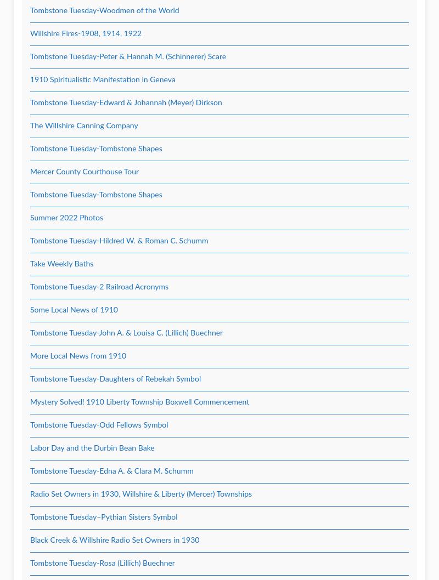 The image size is (439, 580). I want to click on 'The Willshire Canning Company', so click(30, 126).